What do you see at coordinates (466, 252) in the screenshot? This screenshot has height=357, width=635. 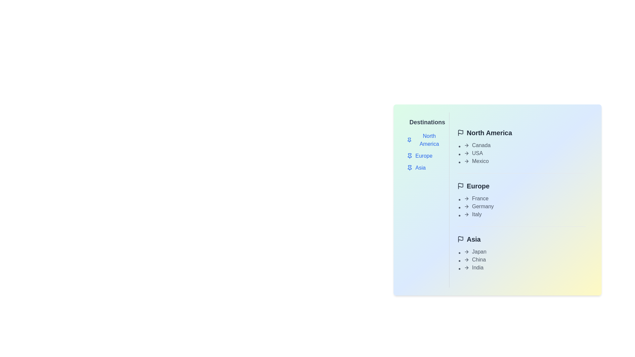 I see `the arrow icon located to the immediate left of the text 'Japan' under the 'Asia' section to initiate navigation` at bounding box center [466, 252].